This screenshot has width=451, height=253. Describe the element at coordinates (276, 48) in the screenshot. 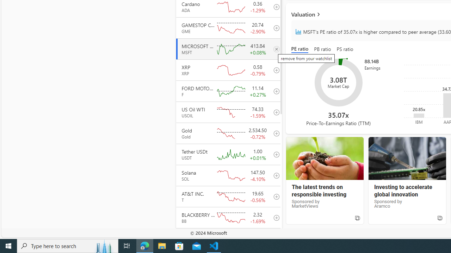

I see `'Class: removeIcon'` at that location.